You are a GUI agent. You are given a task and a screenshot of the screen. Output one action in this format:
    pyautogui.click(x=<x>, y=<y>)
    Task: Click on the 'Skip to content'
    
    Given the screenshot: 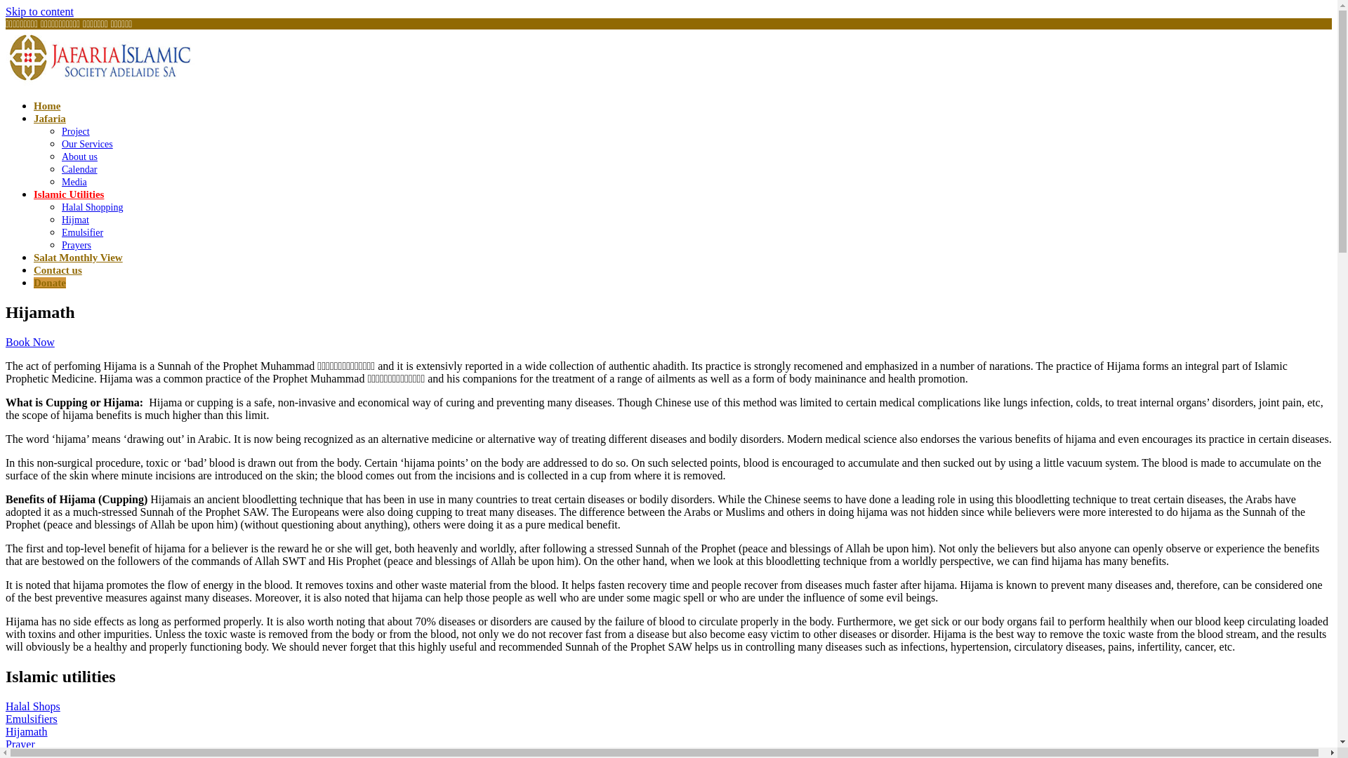 What is the action you would take?
    pyautogui.click(x=6, y=11)
    